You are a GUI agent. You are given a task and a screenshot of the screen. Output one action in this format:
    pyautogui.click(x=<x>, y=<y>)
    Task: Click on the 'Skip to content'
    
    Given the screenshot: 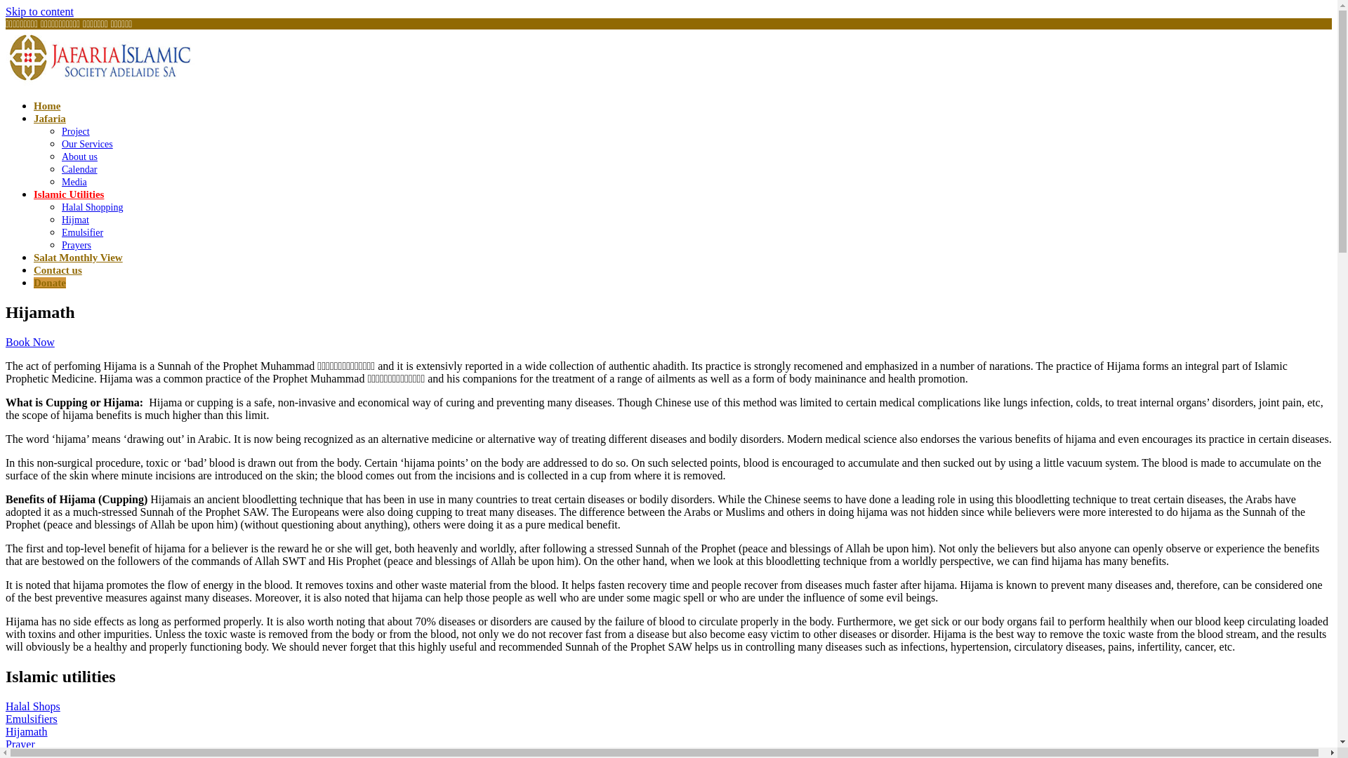 What is the action you would take?
    pyautogui.click(x=6, y=11)
    